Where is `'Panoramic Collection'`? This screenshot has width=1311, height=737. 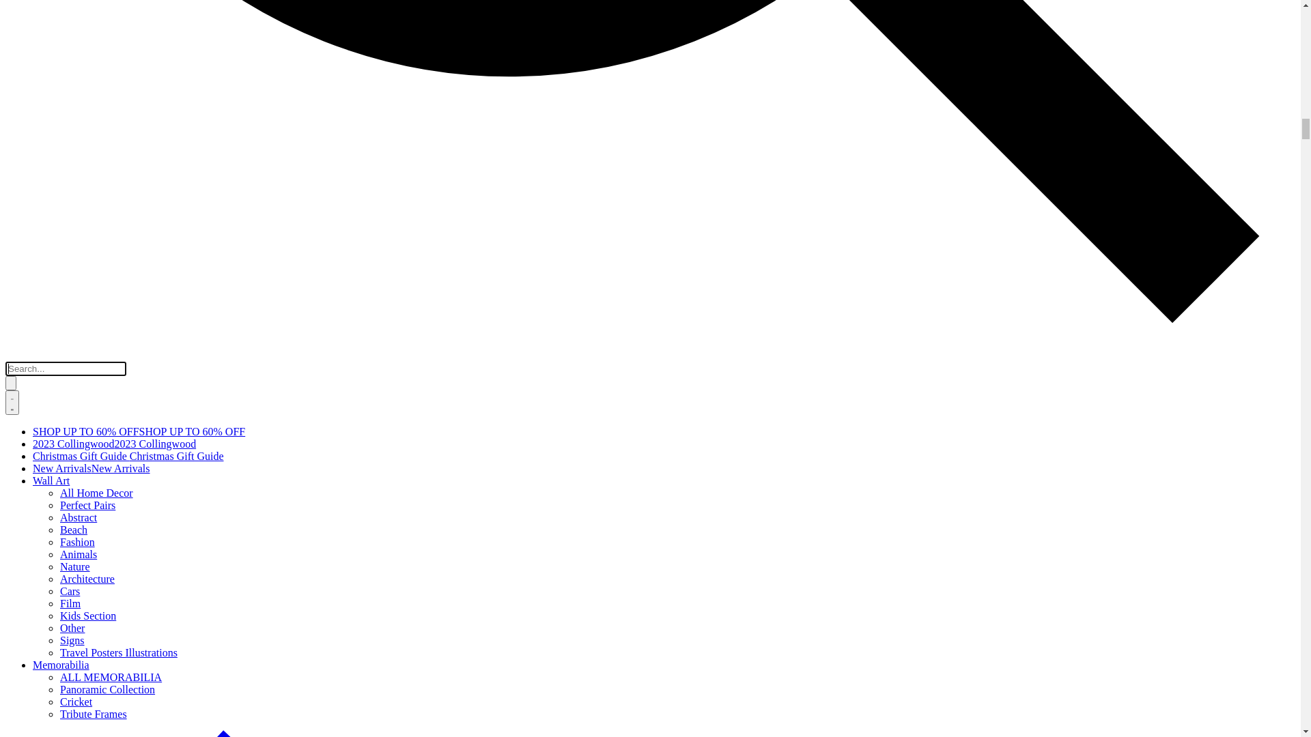 'Panoramic Collection' is located at coordinates (53, 299).